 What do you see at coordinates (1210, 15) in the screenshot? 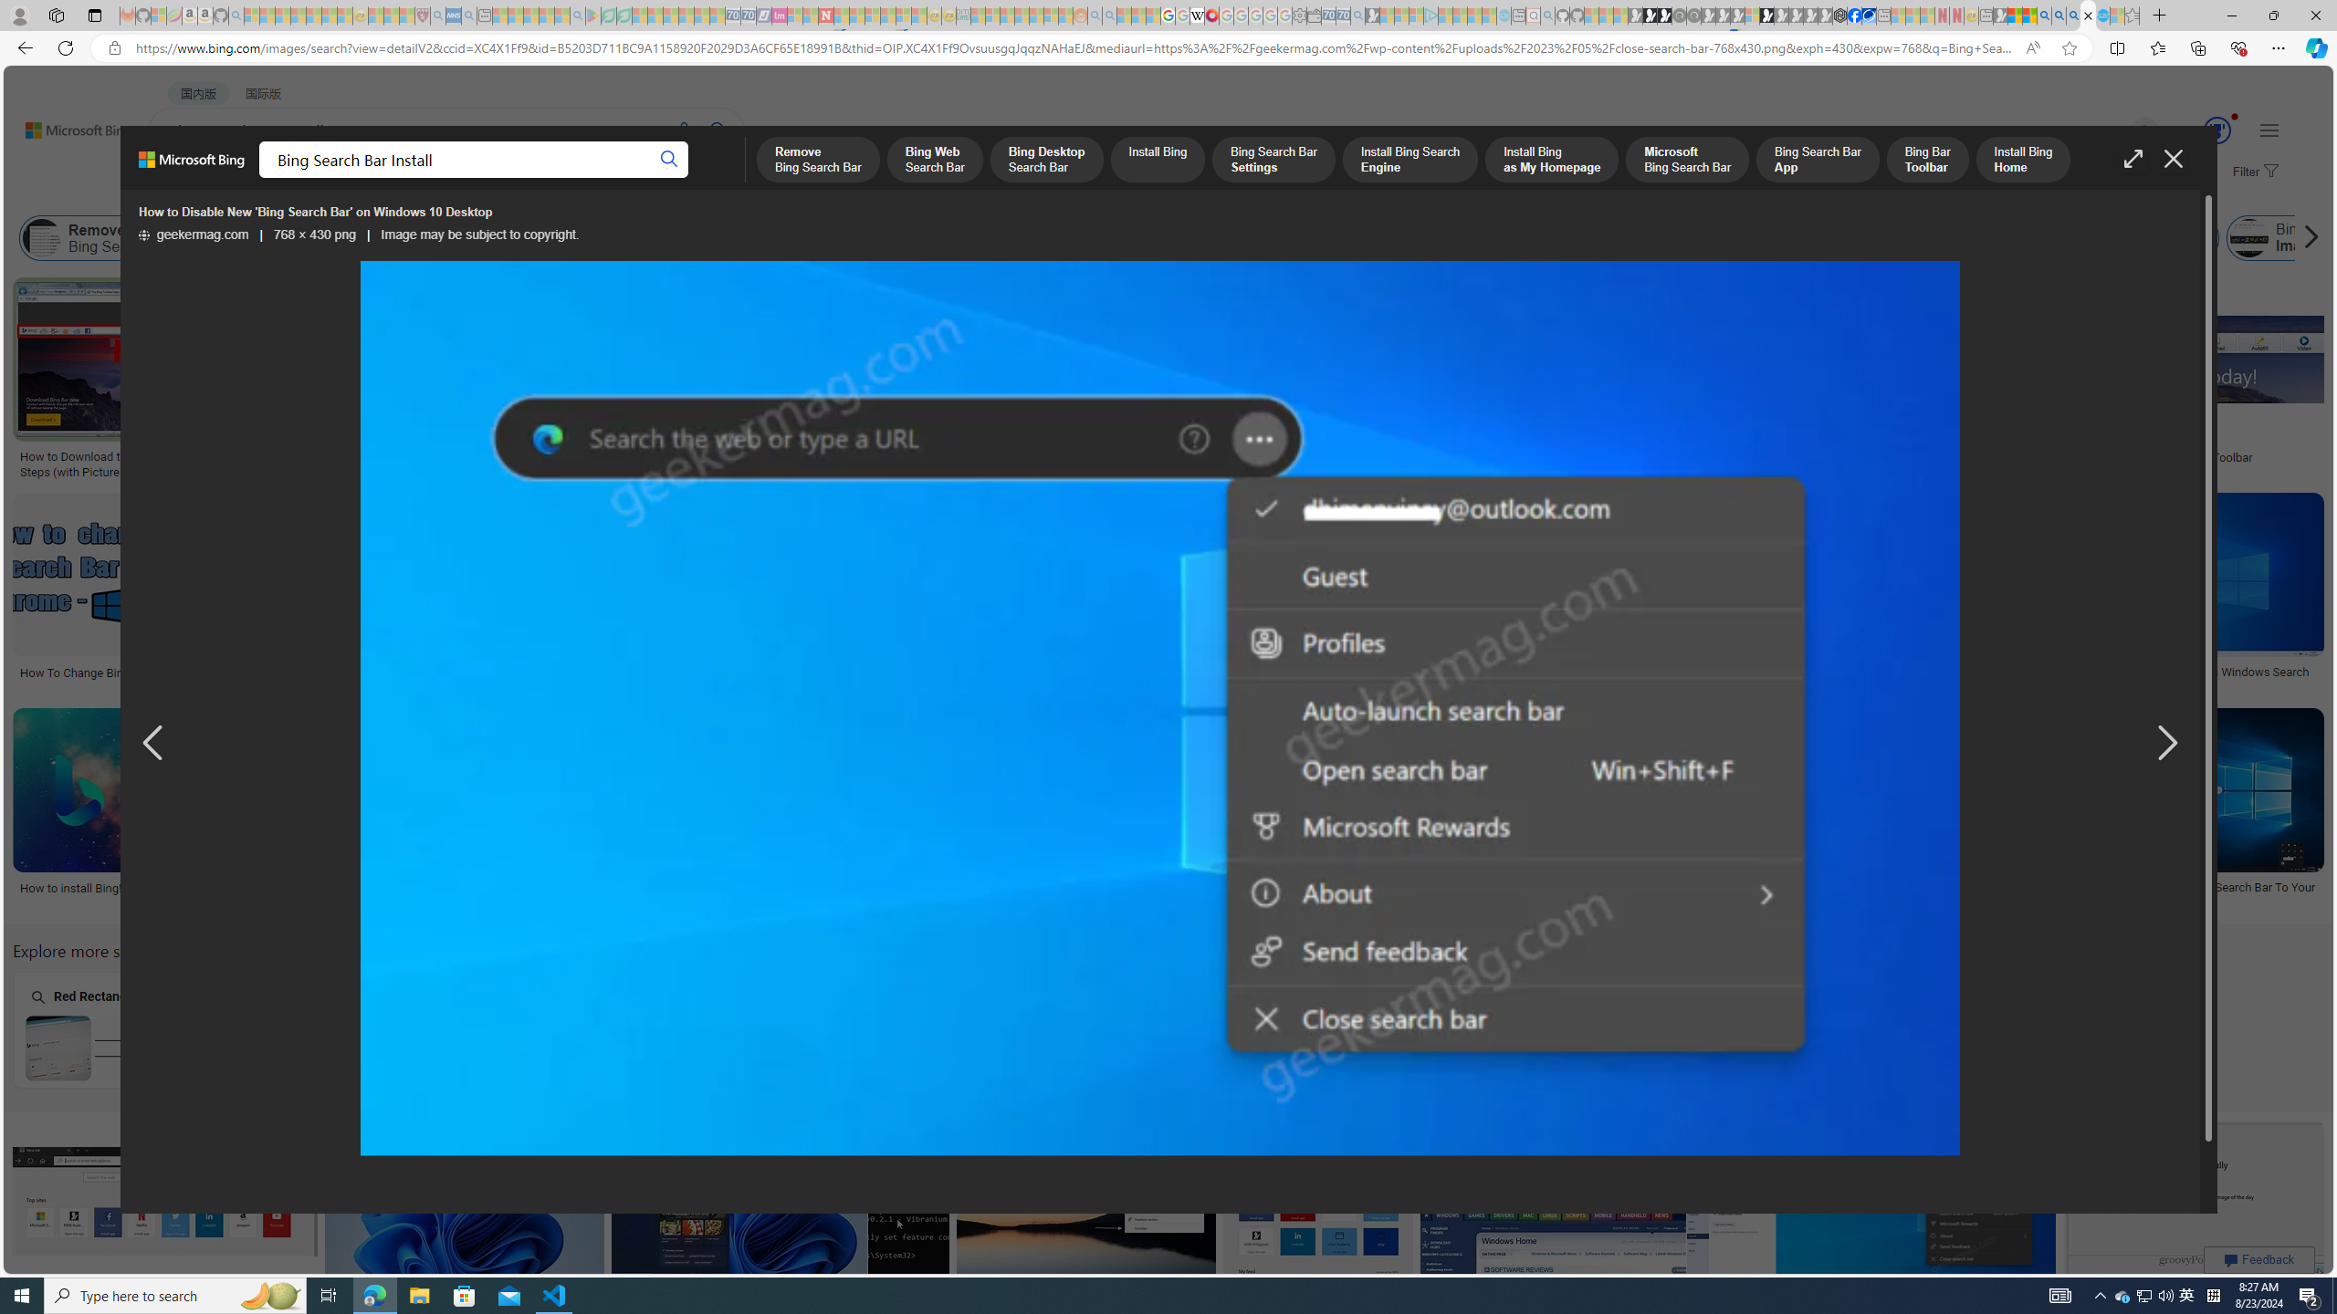
I see `'MediaWiki'` at bounding box center [1210, 15].